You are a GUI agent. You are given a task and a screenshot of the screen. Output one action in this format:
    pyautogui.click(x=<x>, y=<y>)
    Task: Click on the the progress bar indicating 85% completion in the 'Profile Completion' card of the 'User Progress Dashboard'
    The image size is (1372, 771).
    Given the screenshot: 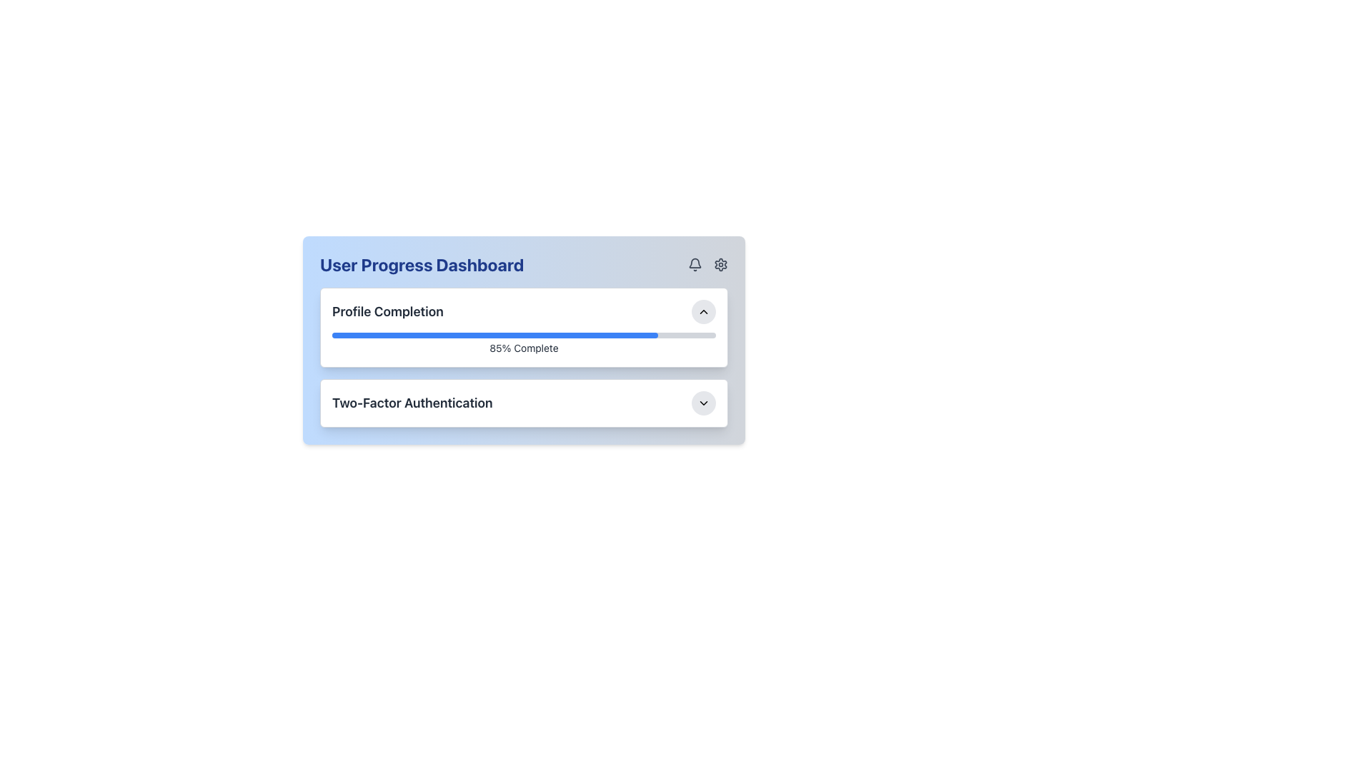 What is the action you would take?
    pyautogui.click(x=523, y=344)
    